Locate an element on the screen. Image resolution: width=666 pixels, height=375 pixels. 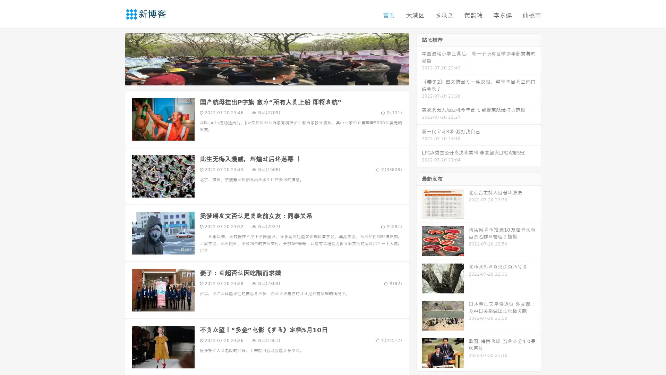
Next slide is located at coordinates (419, 58).